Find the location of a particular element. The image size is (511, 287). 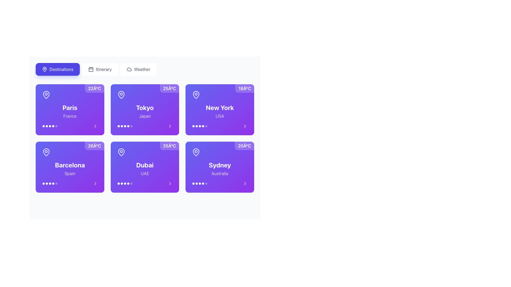

informational text label indicating the country associated with the city 'New York', which displays 'USA' is located at coordinates (220, 116).